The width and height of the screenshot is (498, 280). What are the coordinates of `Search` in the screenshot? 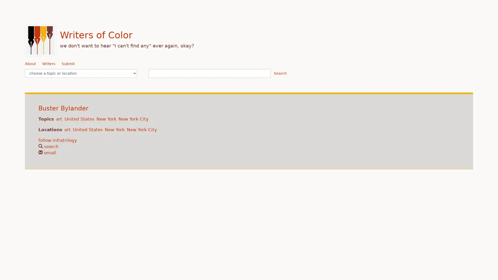 It's located at (280, 73).